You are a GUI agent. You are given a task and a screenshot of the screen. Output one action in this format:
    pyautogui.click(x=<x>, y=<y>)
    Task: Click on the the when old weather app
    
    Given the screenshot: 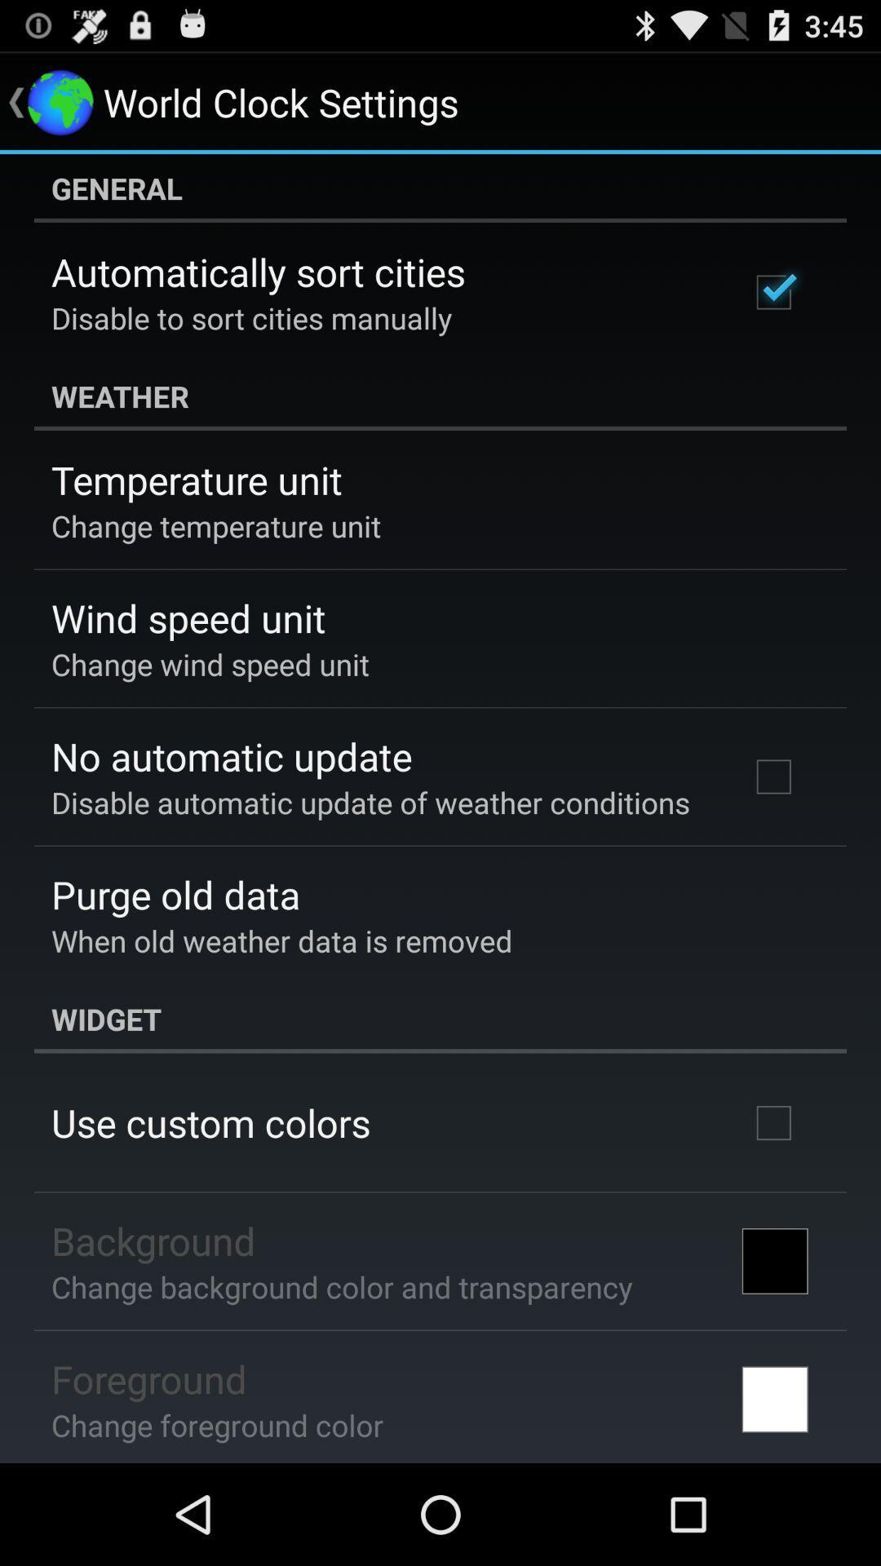 What is the action you would take?
    pyautogui.click(x=281, y=940)
    